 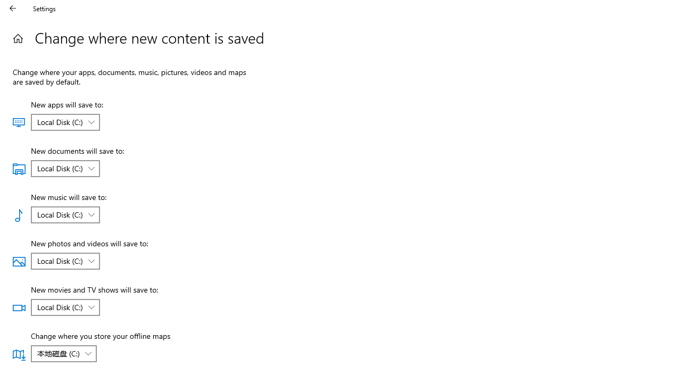 I want to click on 'New apps will save to:', so click(x=64, y=122).